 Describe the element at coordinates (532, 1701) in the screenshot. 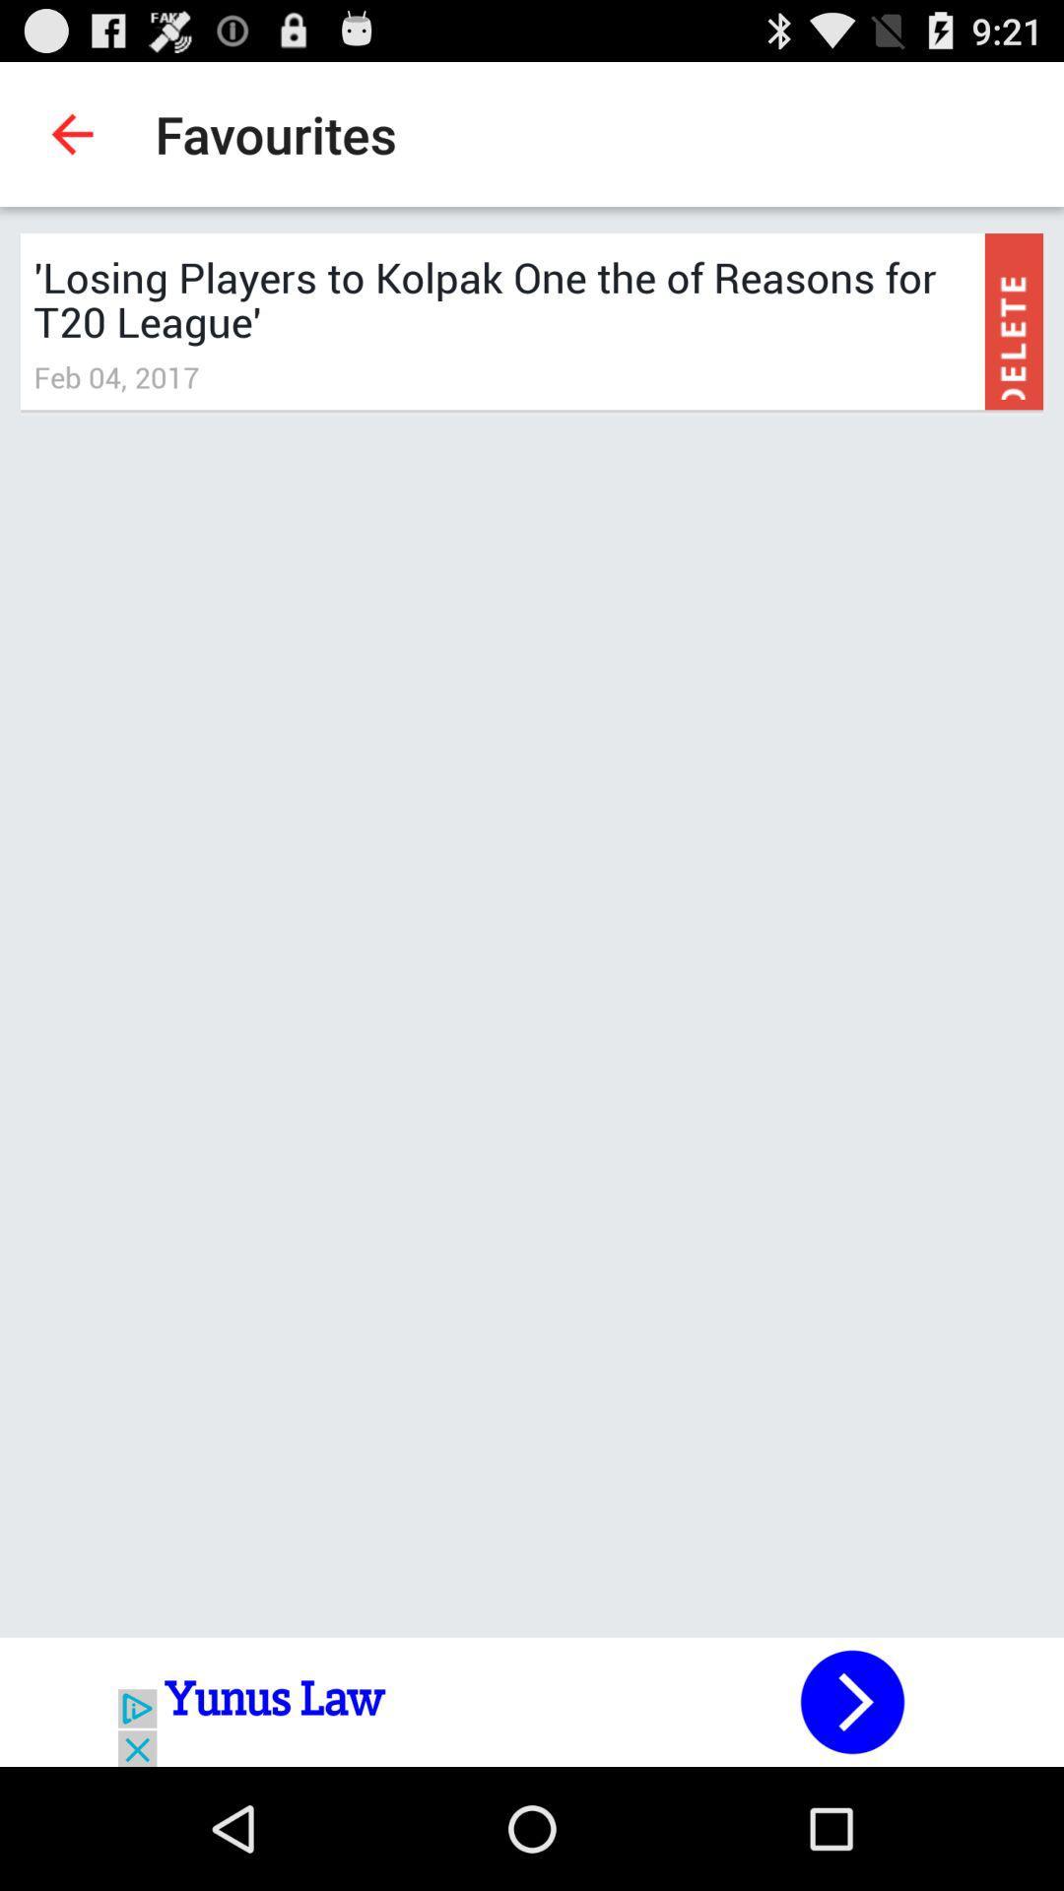

I see `go back` at that location.